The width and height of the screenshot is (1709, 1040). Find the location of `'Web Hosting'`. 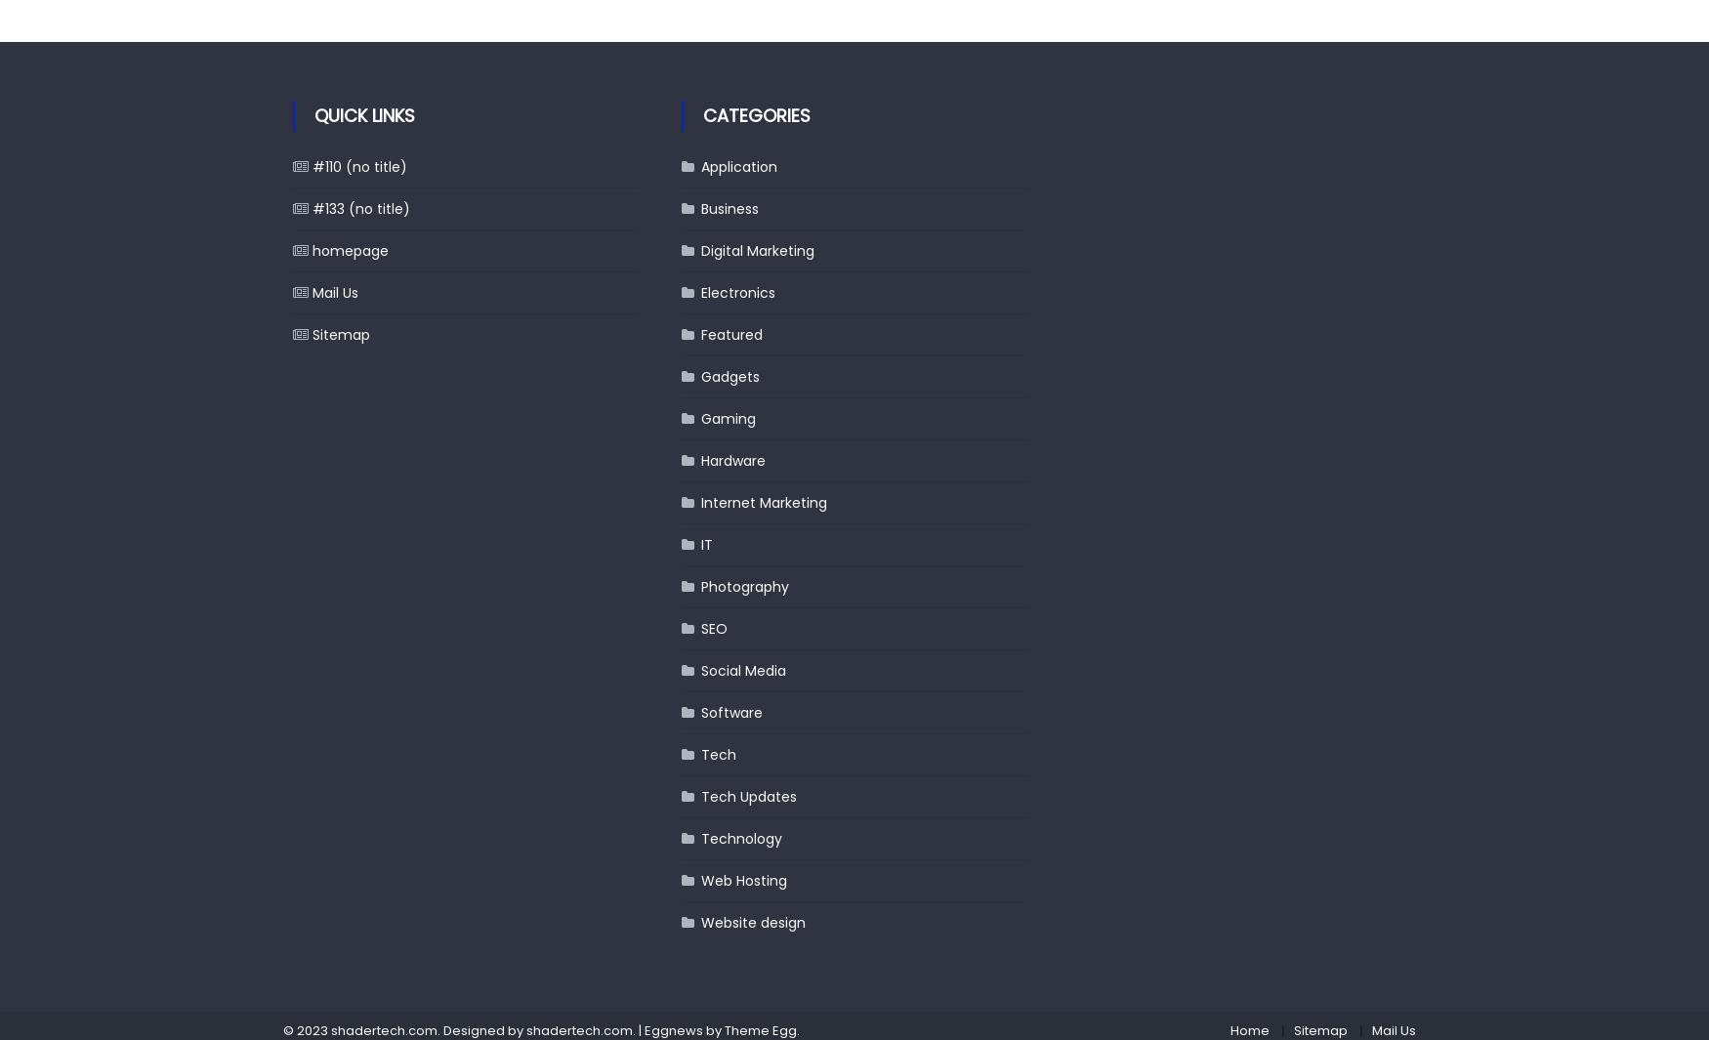

'Web Hosting' is located at coordinates (742, 880).